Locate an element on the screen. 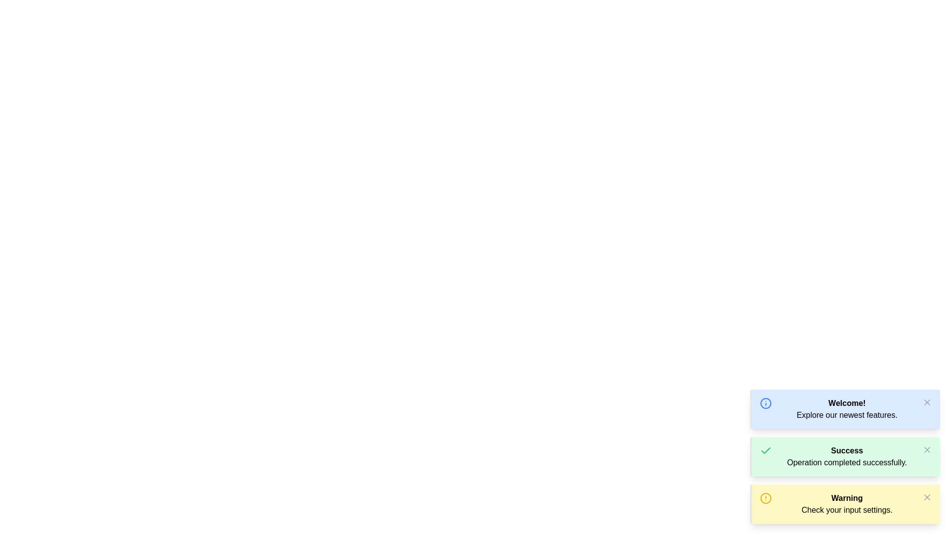 This screenshot has width=950, height=534. the icon located at the top-left corner of the blue notification card containing the text 'Welcome! Explore our newest features.' is located at coordinates (765, 403).